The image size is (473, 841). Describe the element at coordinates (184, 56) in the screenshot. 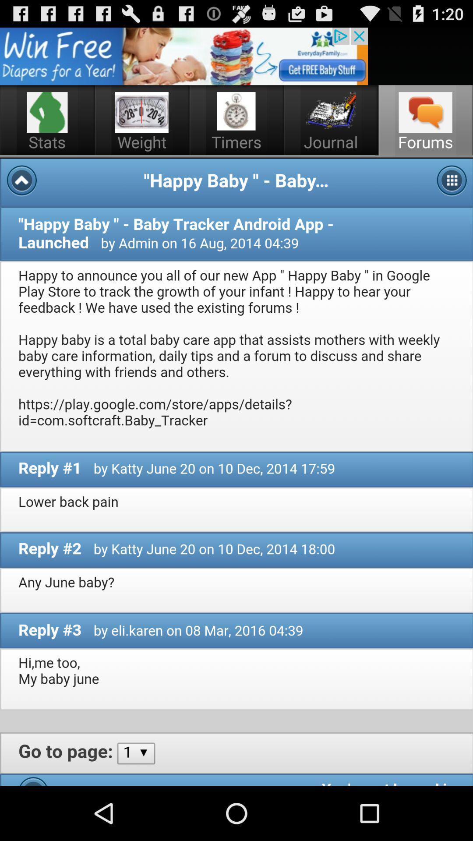

I see `share article` at that location.